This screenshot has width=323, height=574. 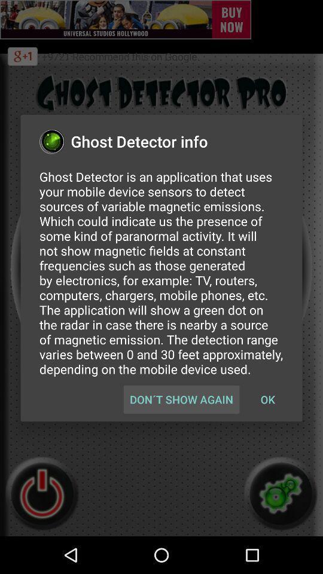 What do you see at coordinates (181, 399) in the screenshot?
I see `button to the left of the ok icon` at bounding box center [181, 399].